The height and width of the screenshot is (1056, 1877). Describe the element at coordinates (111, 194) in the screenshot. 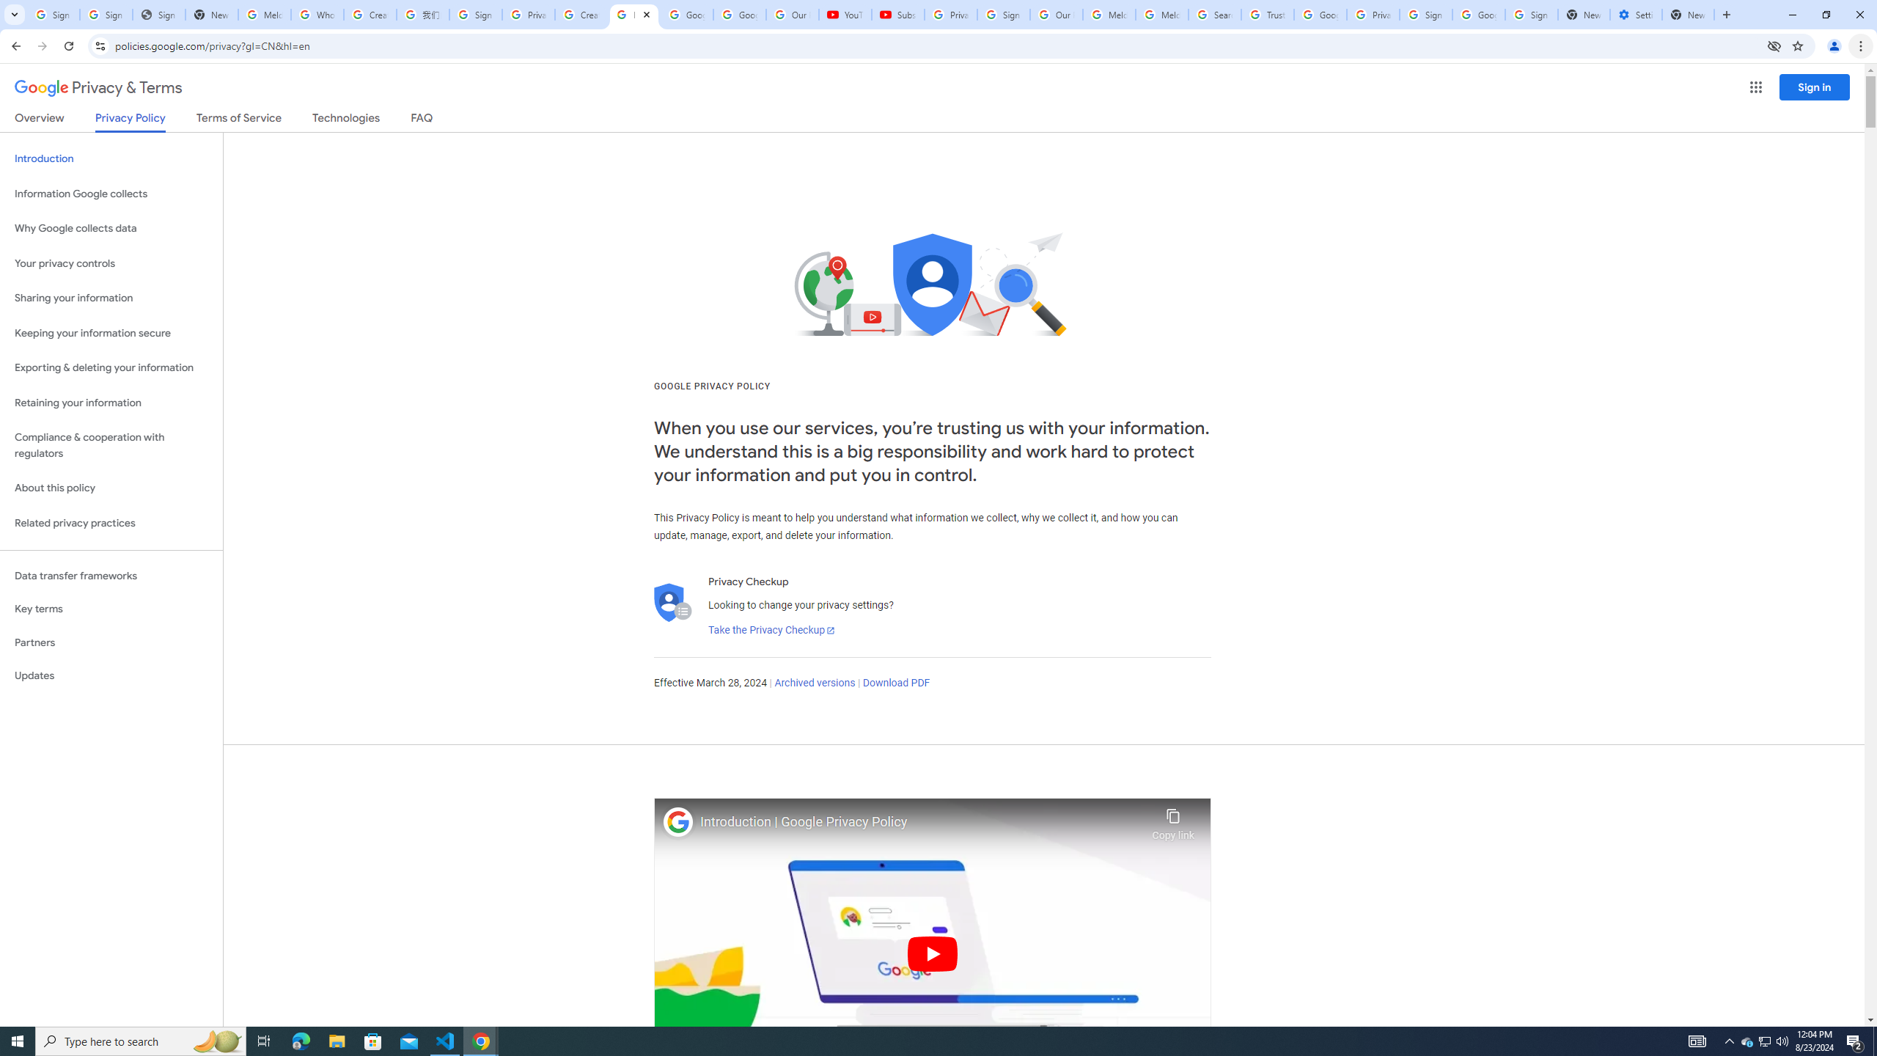

I see `'Information Google collects'` at that location.